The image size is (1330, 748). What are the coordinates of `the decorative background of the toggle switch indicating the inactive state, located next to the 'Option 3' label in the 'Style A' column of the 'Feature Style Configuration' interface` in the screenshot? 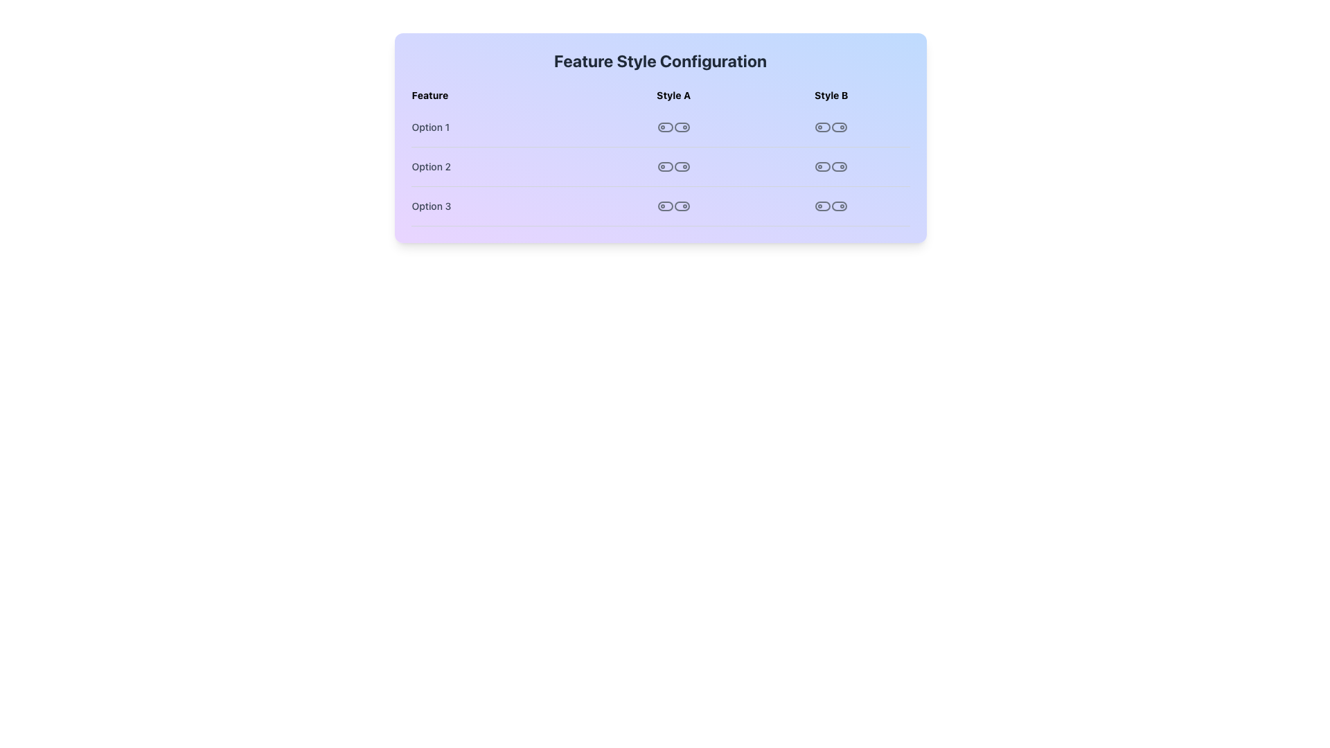 It's located at (682, 206).